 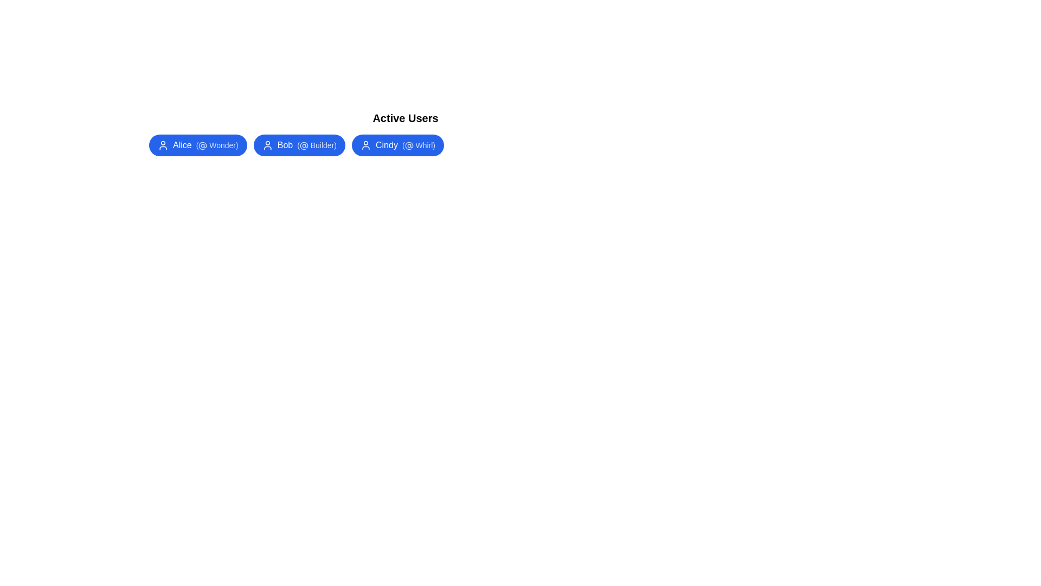 What do you see at coordinates (197, 144) in the screenshot?
I see `the chip representing Alice` at bounding box center [197, 144].